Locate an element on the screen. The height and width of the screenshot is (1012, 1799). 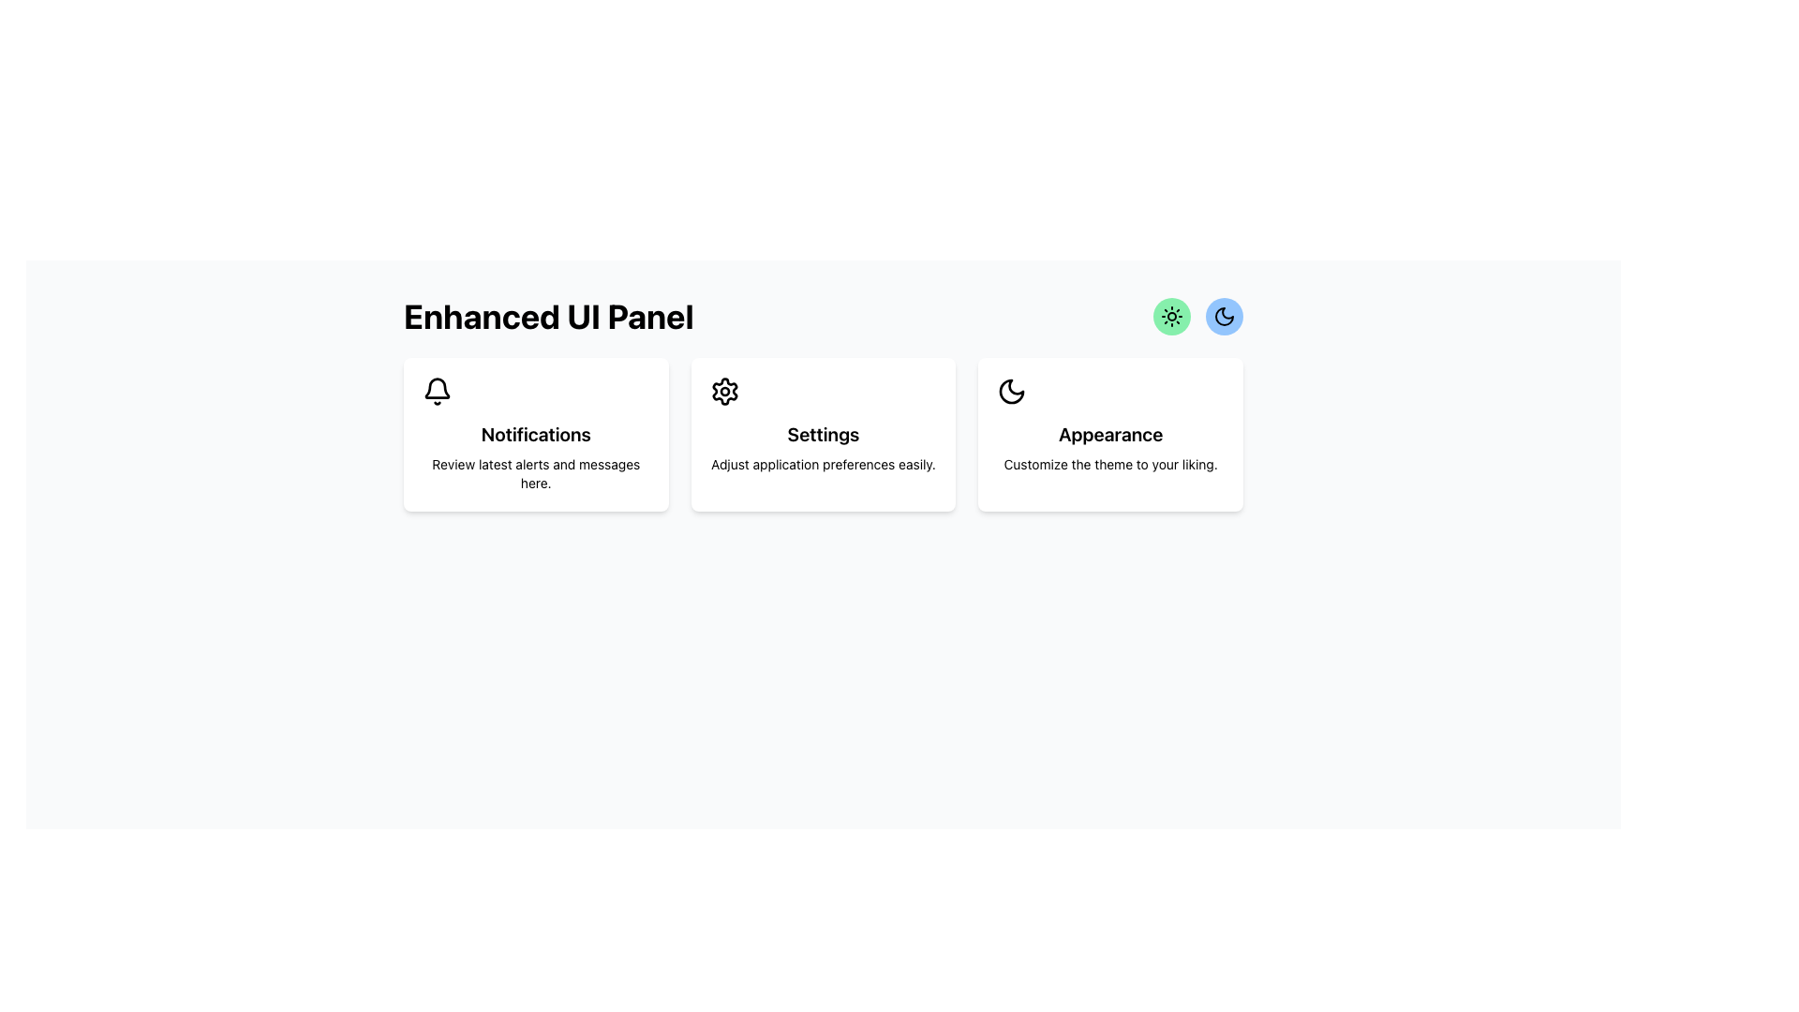
the SVG Icon displaying a crescent moon in the upper-right corner of the interface is located at coordinates (1011, 390).